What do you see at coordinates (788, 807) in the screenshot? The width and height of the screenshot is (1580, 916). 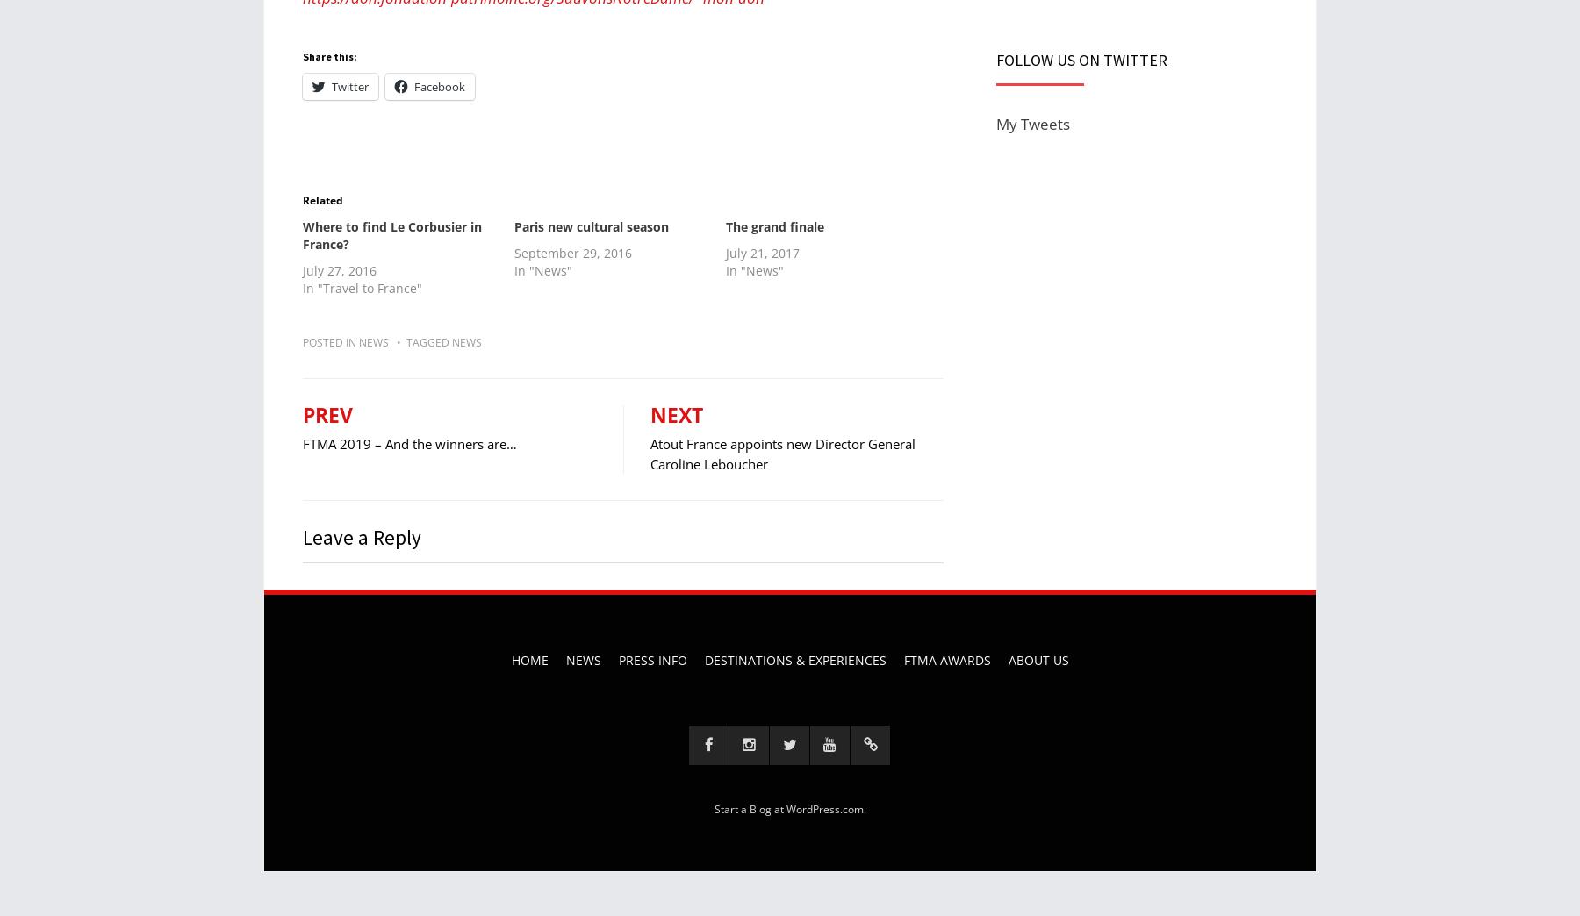 I see `'Start a Blog at WordPress.com'` at bounding box center [788, 807].